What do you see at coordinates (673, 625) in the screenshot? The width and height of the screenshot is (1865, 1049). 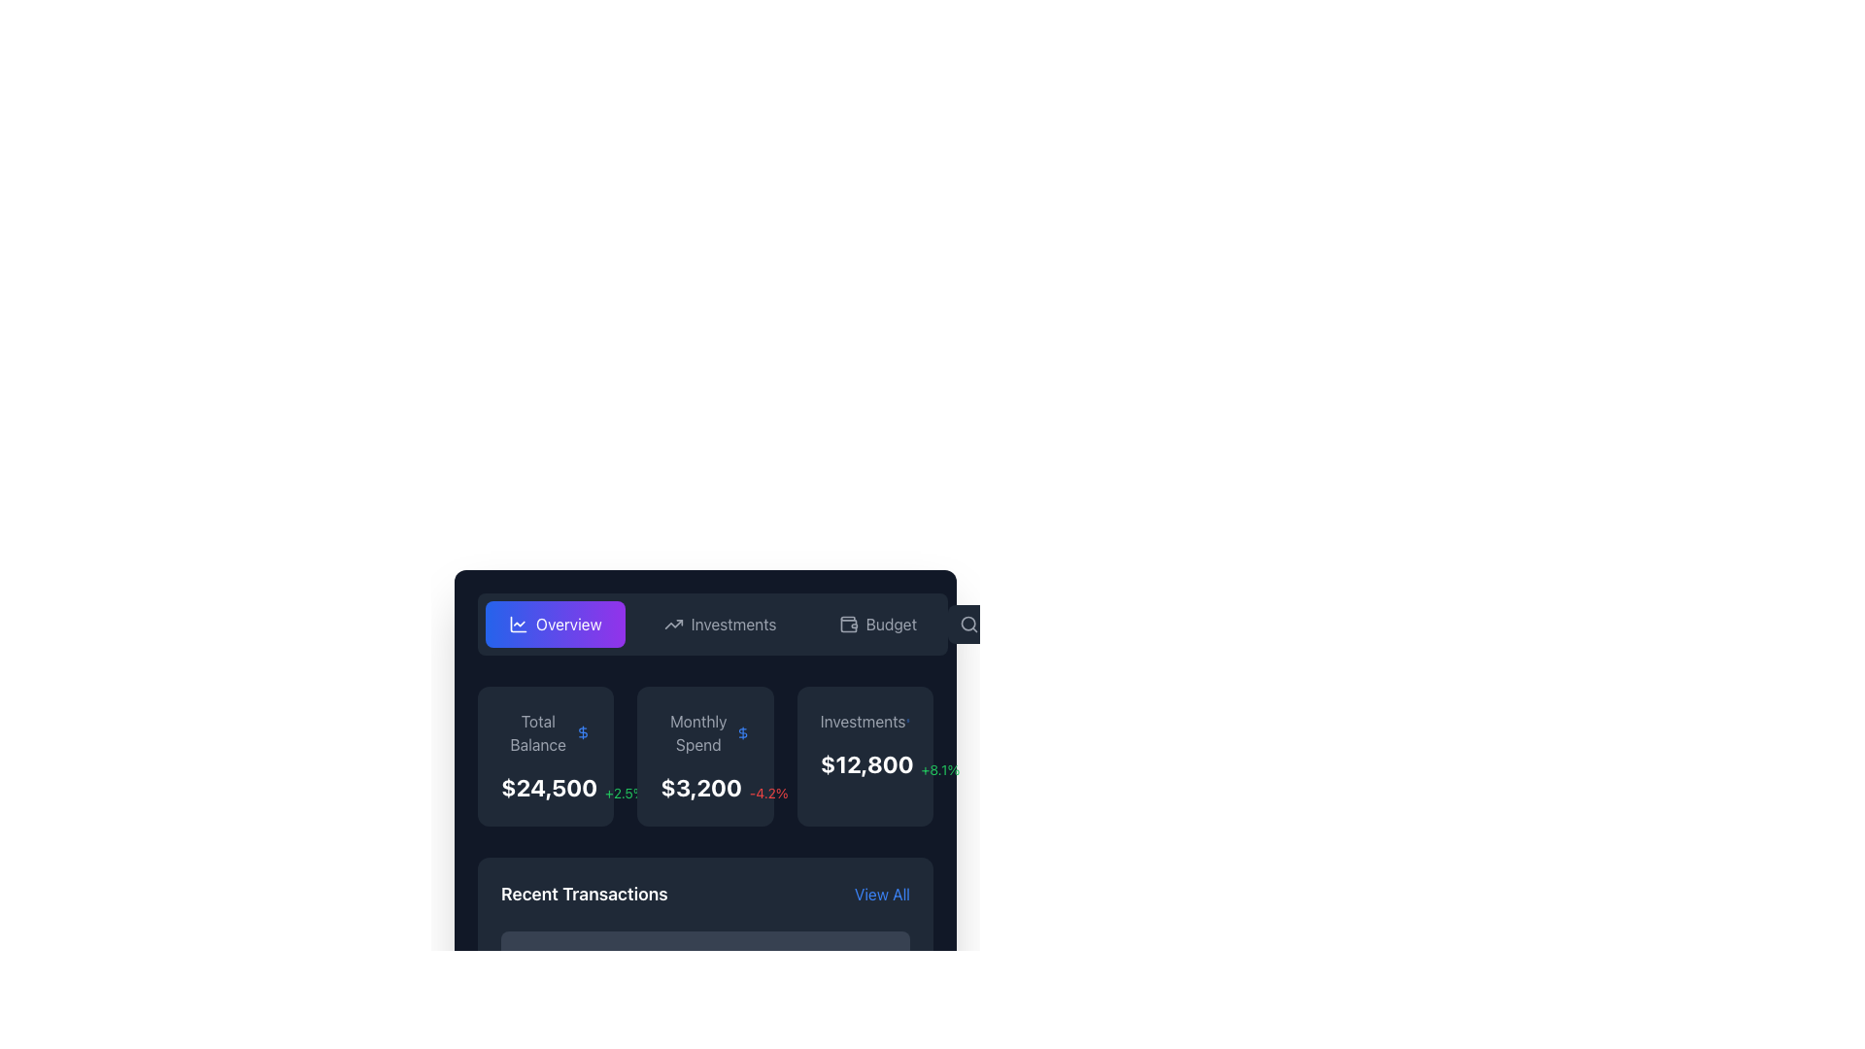 I see `the upward trending line graph icon in the horizontal navigation menu, which is located to the left of the 'Investments' text` at bounding box center [673, 625].